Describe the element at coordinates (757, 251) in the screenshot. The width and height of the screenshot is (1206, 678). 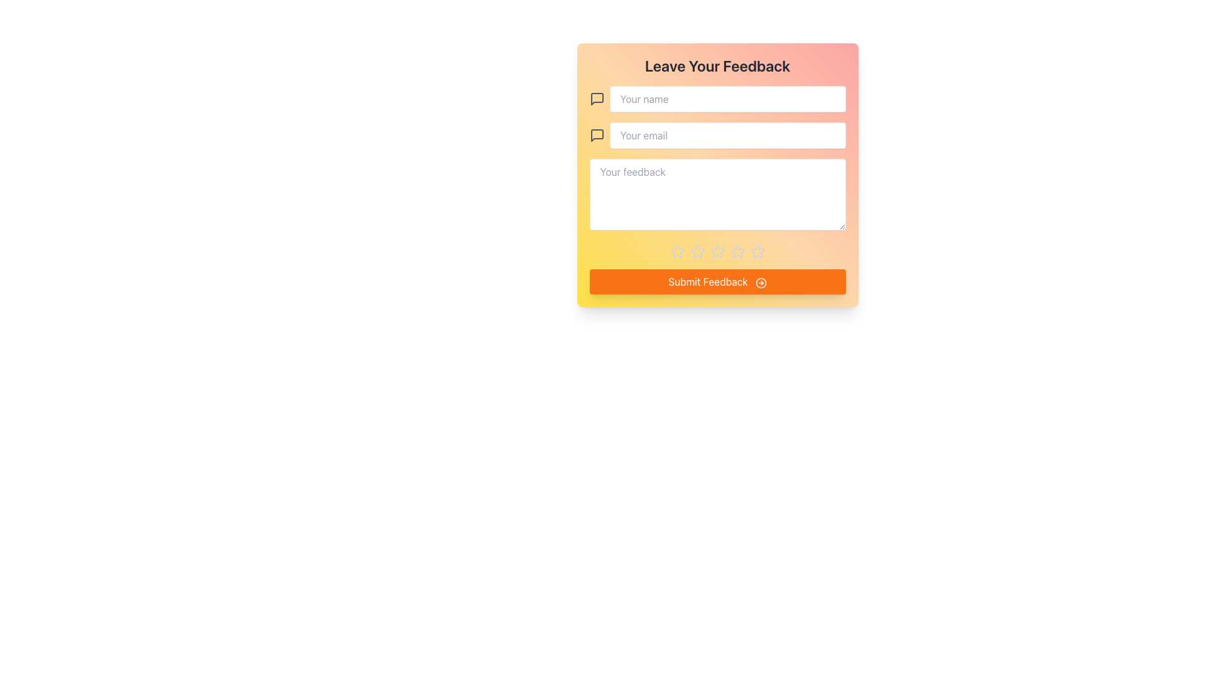
I see `the fourth star icon in the rating bar, which is styled with a light gray outline and appears inactive, positioned below the feedback input field` at that location.